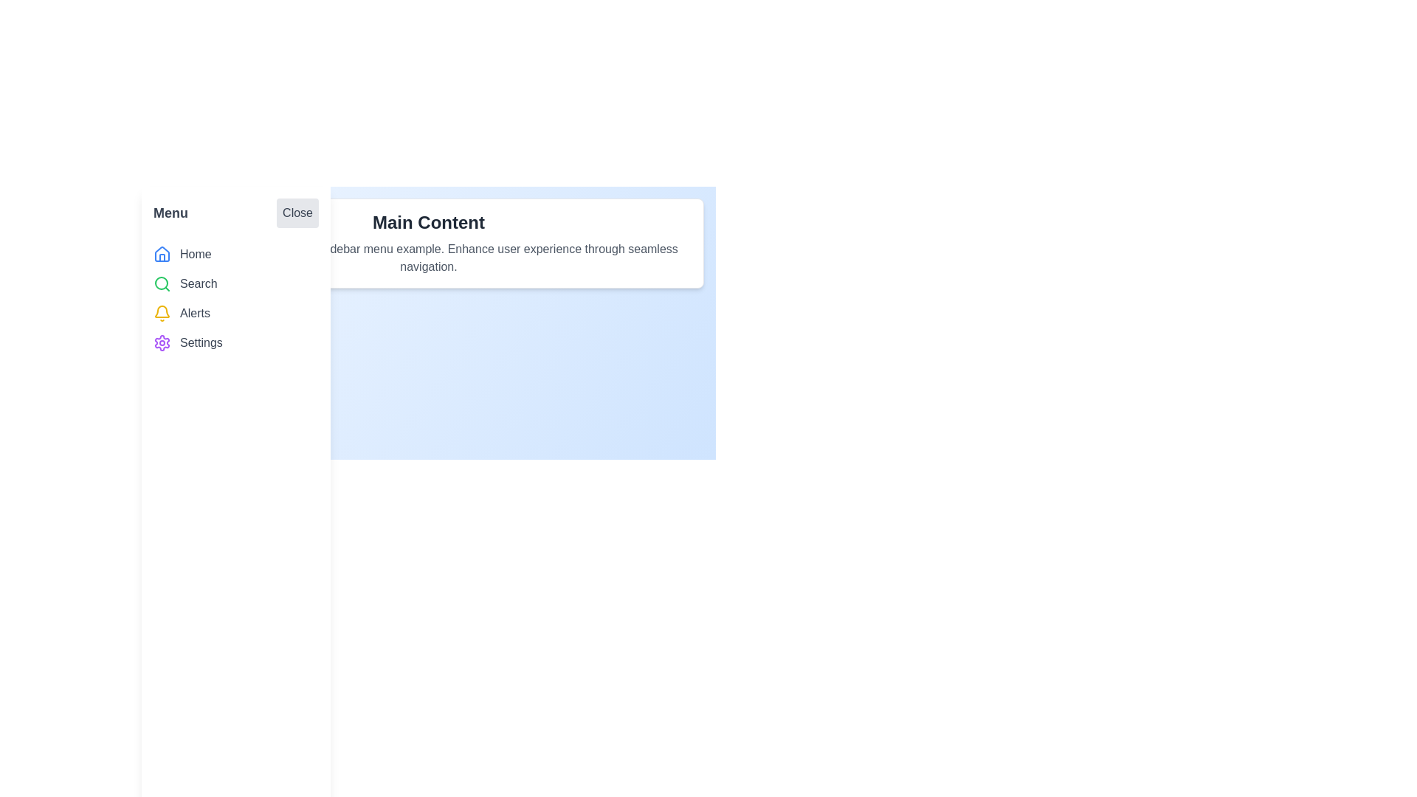 This screenshot has width=1417, height=797. What do you see at coordinates (297, 213) in the screenshot?
I see `the 'Close' button, which is a rectangular button with light gray background and rounded corners, located next to the 'Menu' text` at bounding box center [297, 213].